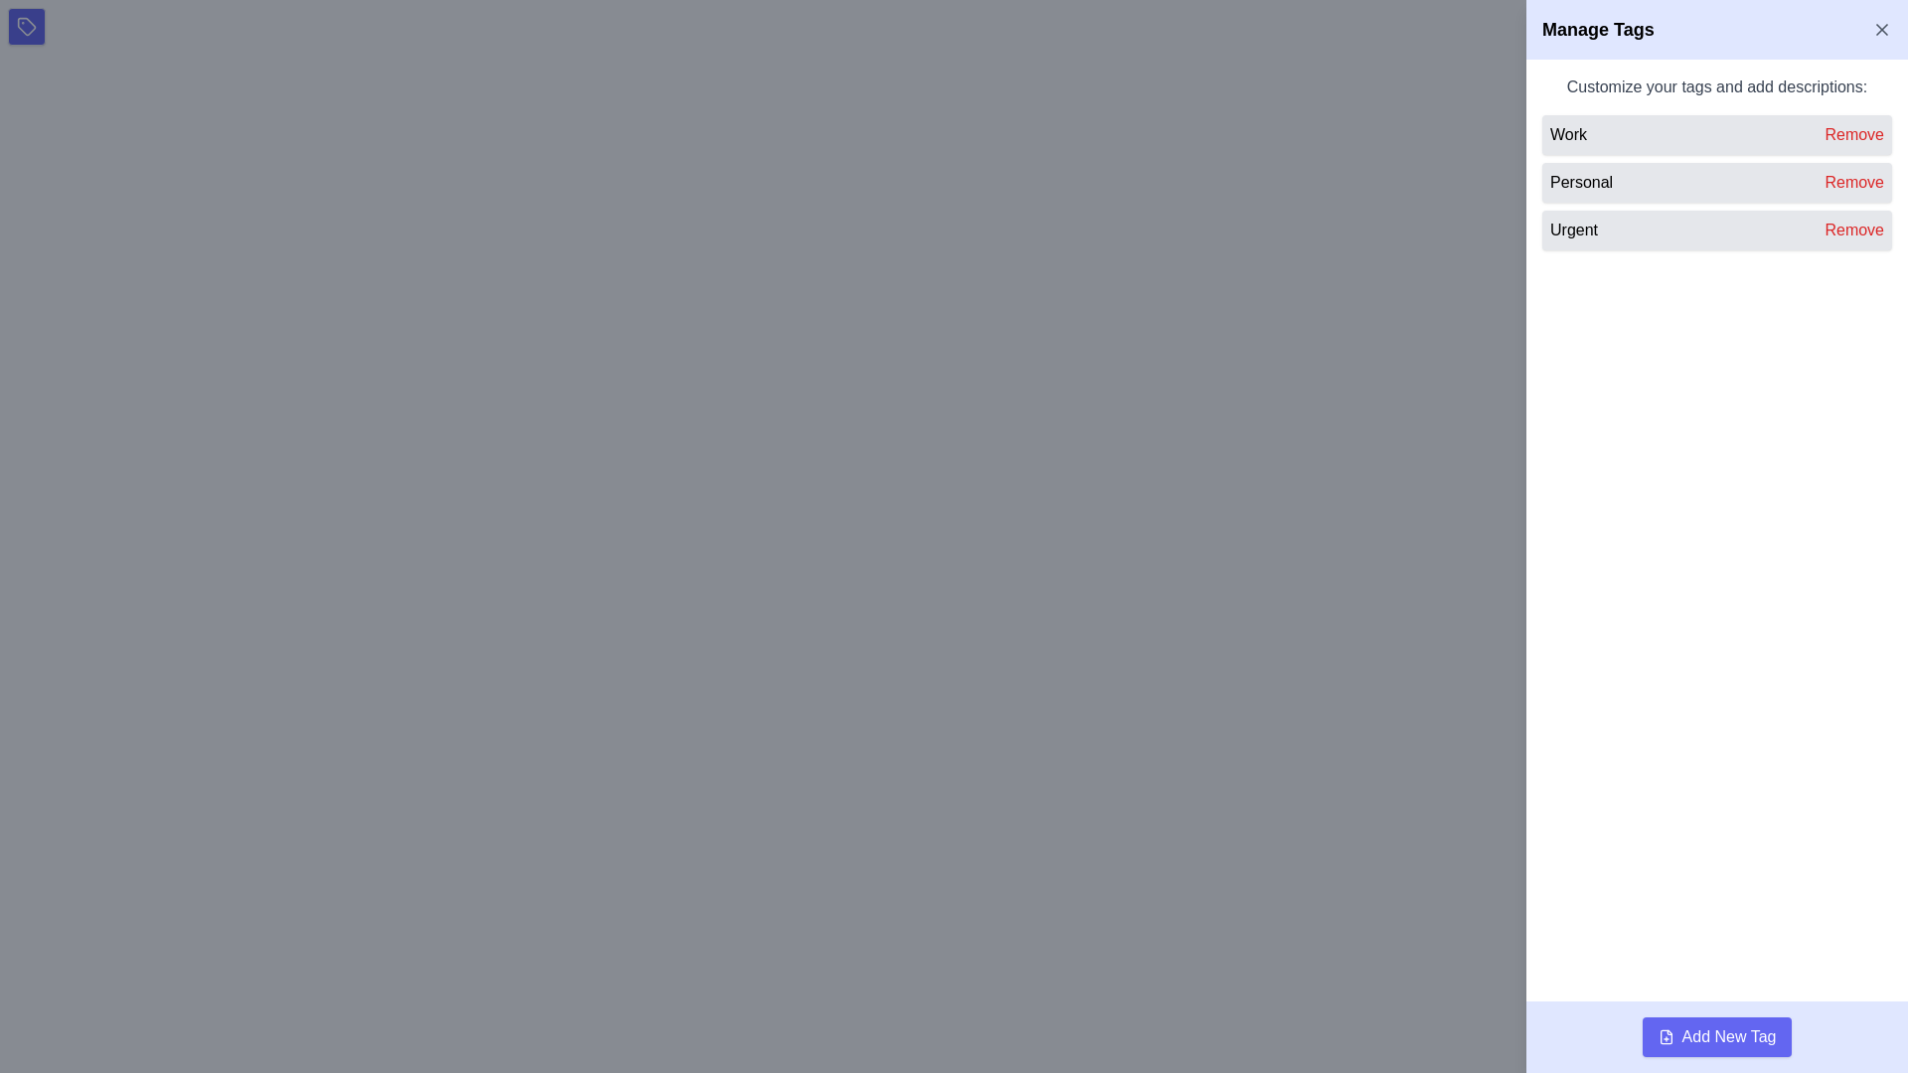 The height and width of the screenshot is (1073, 1908). I want to click on the 'Remove' button styled in red font color located in the second list item under the 'Manage Tags' section, next to the tag label 'Personal', so click(1853, 183).